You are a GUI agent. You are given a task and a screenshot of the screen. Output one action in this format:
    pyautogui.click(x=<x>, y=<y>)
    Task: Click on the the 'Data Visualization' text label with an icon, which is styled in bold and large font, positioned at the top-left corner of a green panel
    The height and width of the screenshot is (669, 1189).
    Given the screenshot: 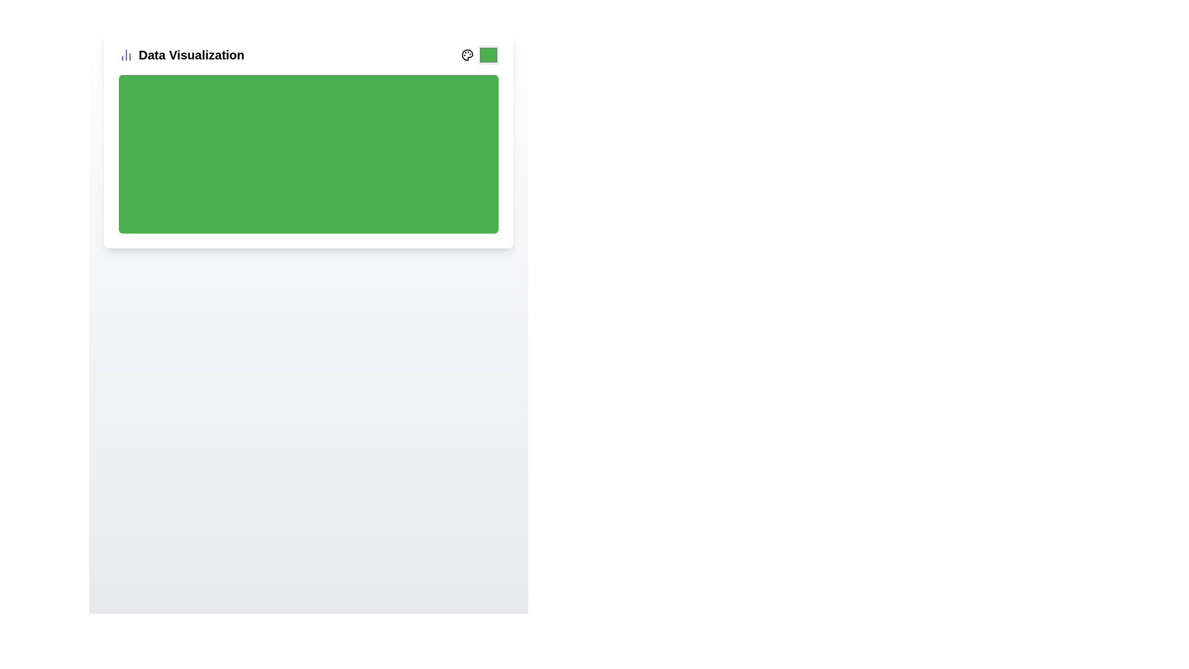 What is the action you would take?
    pyautogui.click(x=181, y=54)
    